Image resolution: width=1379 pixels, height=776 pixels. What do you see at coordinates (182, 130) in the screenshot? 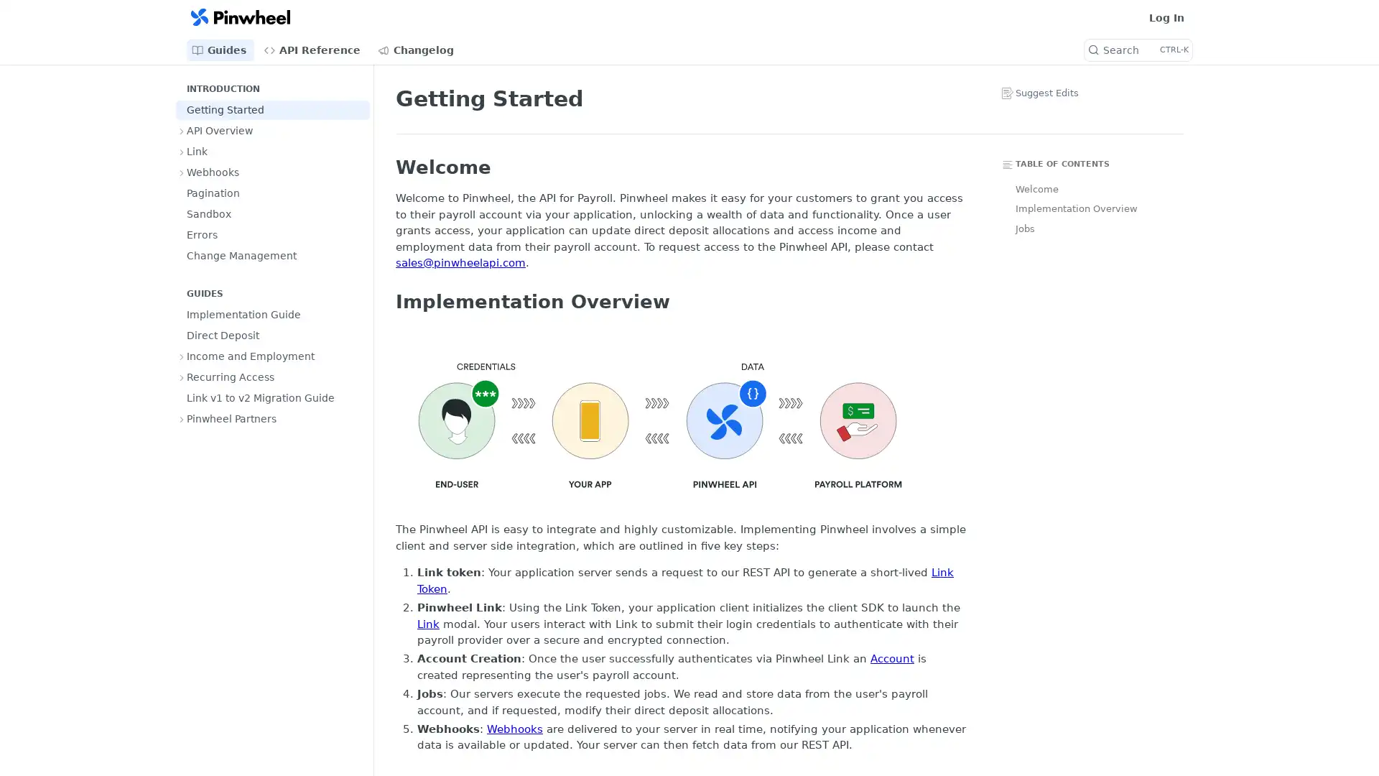
I see `Show subpages for API Overview` at bounding box center [182, 130].